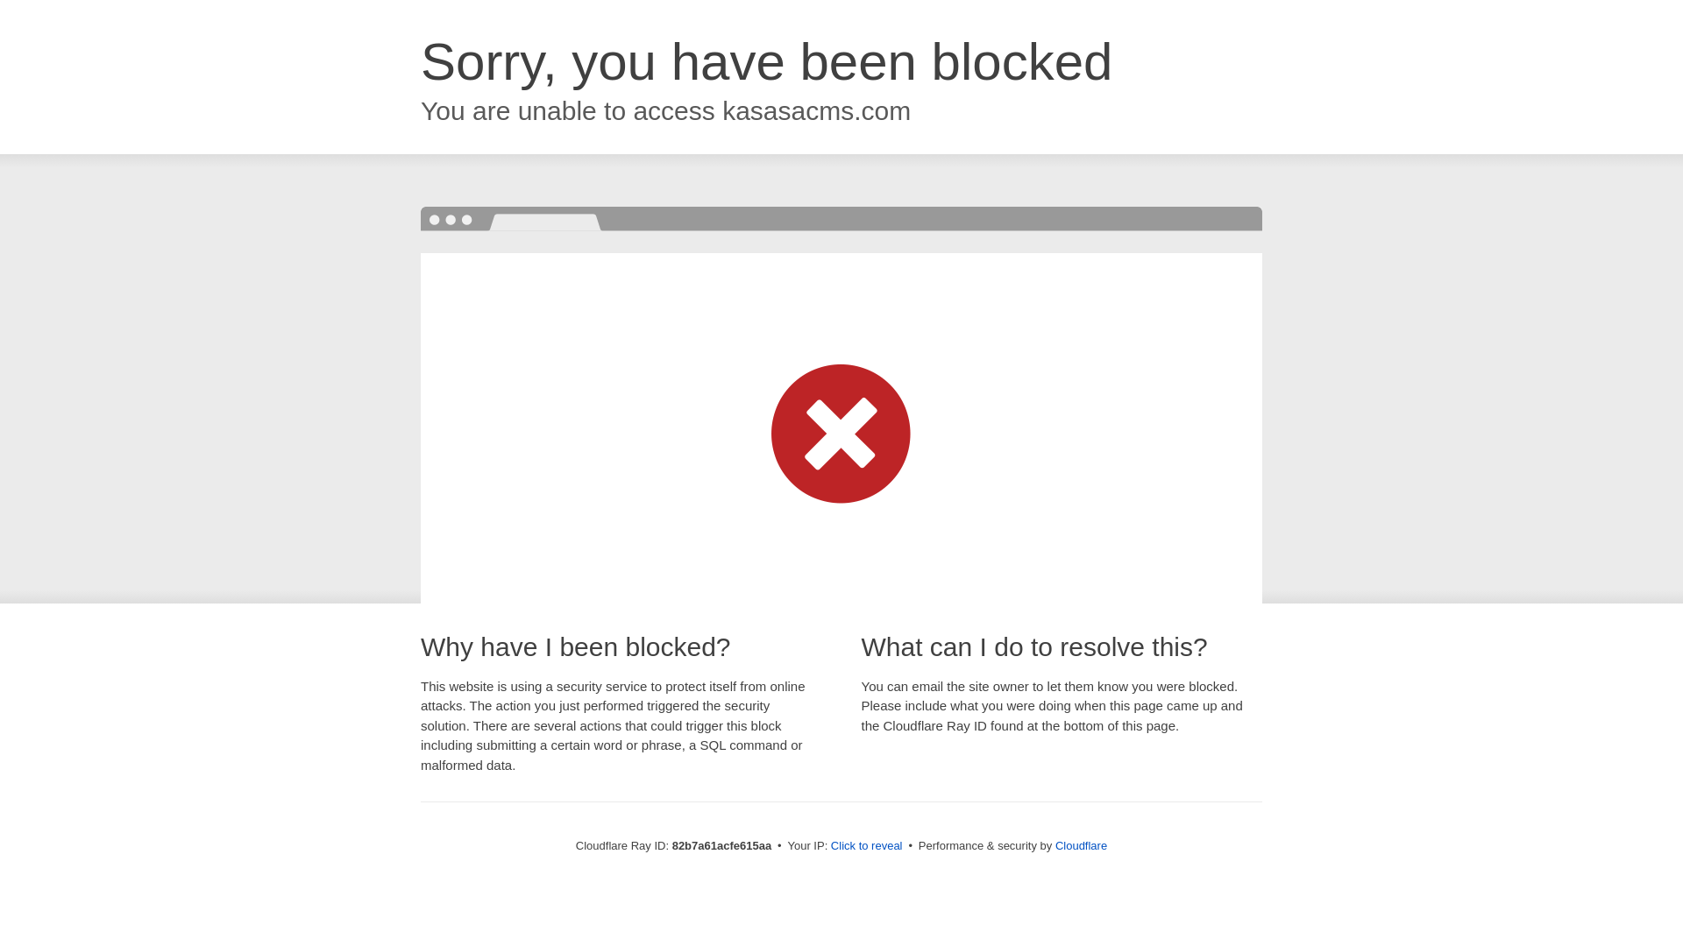  I want to click on 'Cloudflare', so click(1080, 844).